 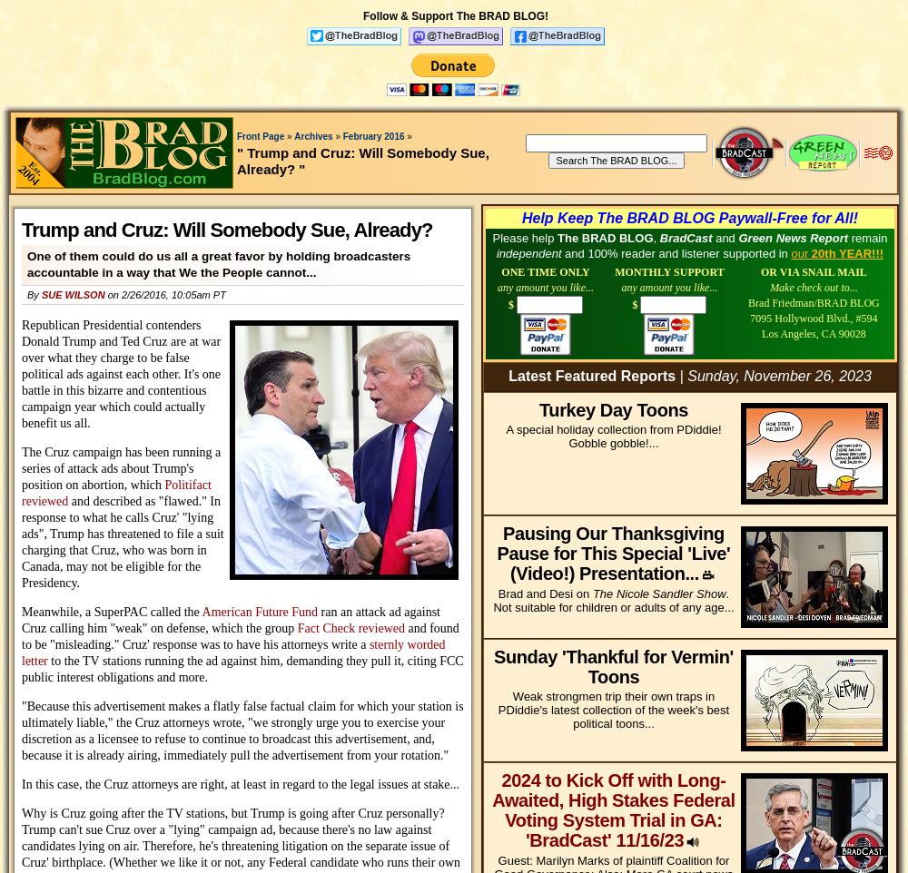 I want to click on 'The Nicole Sandler Show', so click(x=657, y=593).